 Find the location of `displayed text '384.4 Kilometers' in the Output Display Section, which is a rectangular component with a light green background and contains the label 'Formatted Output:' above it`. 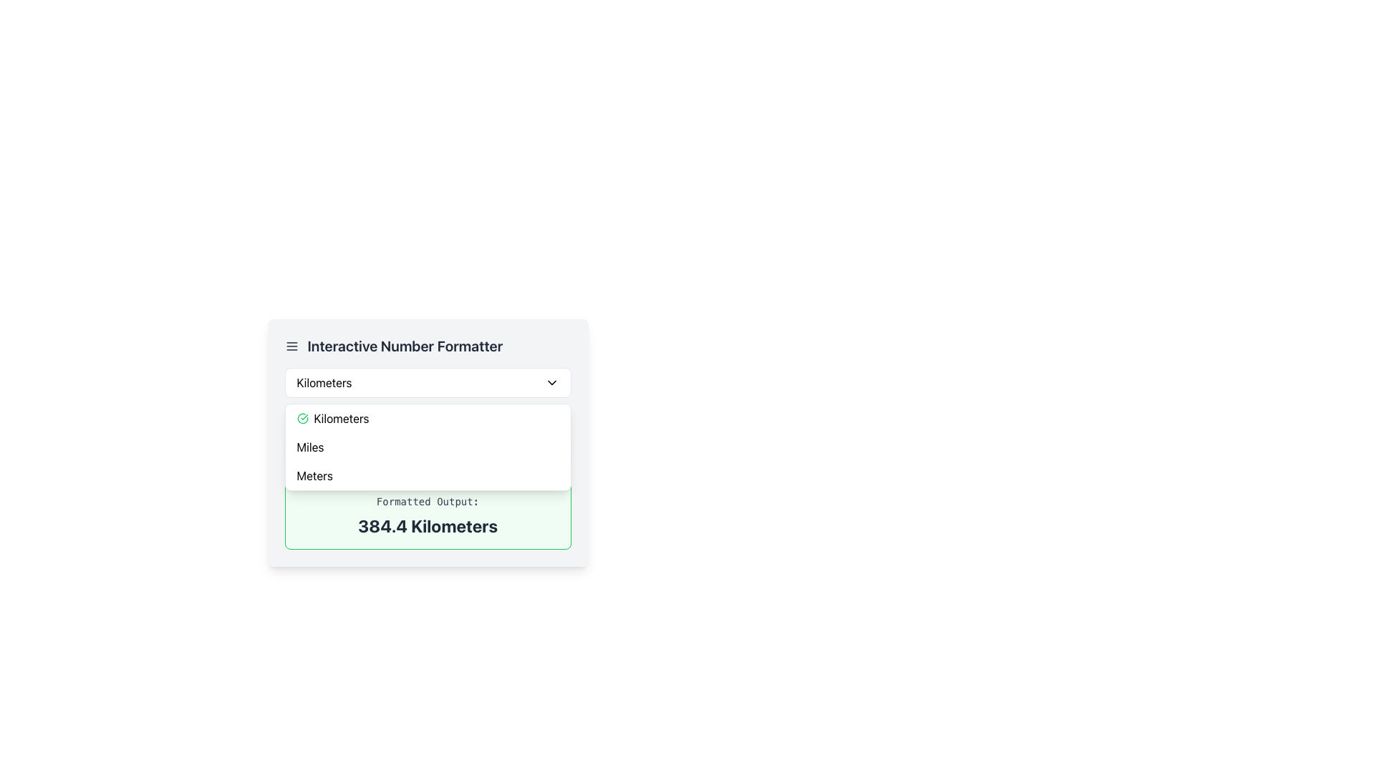

displayed text '384.4 Kilometers' in the Output Display Section, which is a rectangular component with a light green background and contains the label 'Formatted Output:' above it is located at coordinates (427, 516).